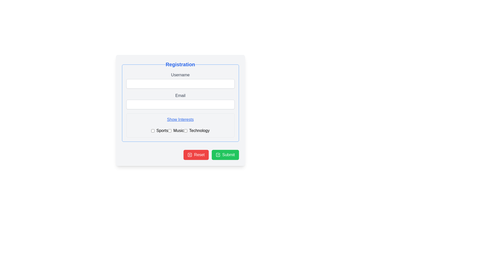 The height and width of the screenshot is (272, 484). I want to click on the 'Sports' checkbox, so click(152, 130).